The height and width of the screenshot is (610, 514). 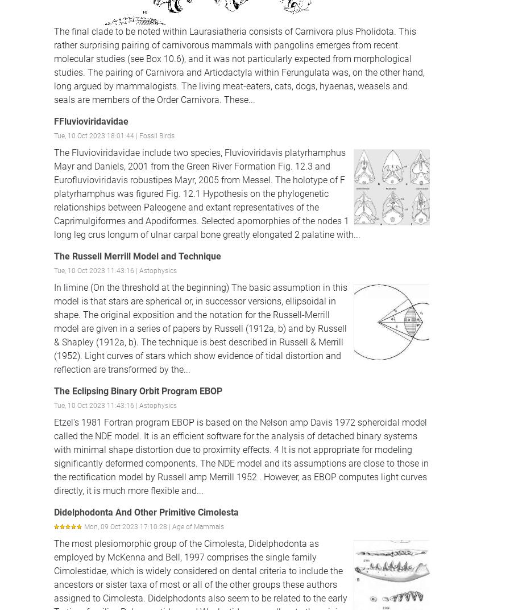 What do you see at coordinates (137, 255) in the screenshot?
I see `'The Russell Merrill Model and Technique'` at bounding box center [137, 255].